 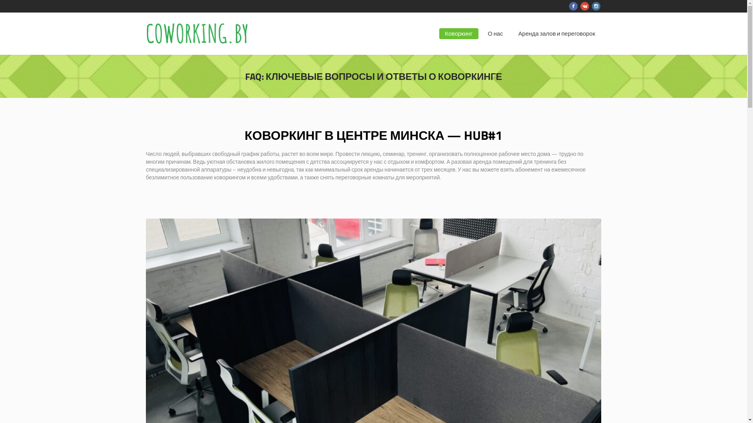 What do you see at coordinates (585, 6) in the screenshot?
I see `'VK'` at bounding box center [585, 6].